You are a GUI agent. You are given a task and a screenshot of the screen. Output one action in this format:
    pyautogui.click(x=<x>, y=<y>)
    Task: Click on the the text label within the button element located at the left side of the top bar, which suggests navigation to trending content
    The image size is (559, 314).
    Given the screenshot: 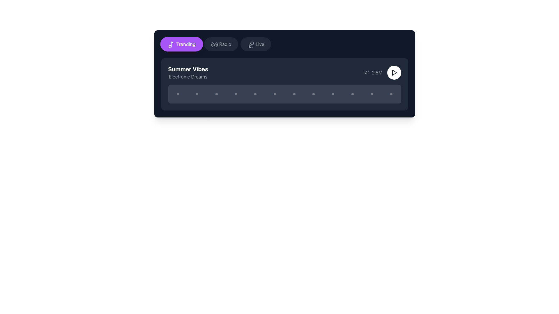 What is the action you would take?
    pyautogui.click(x=185, y=44)
    